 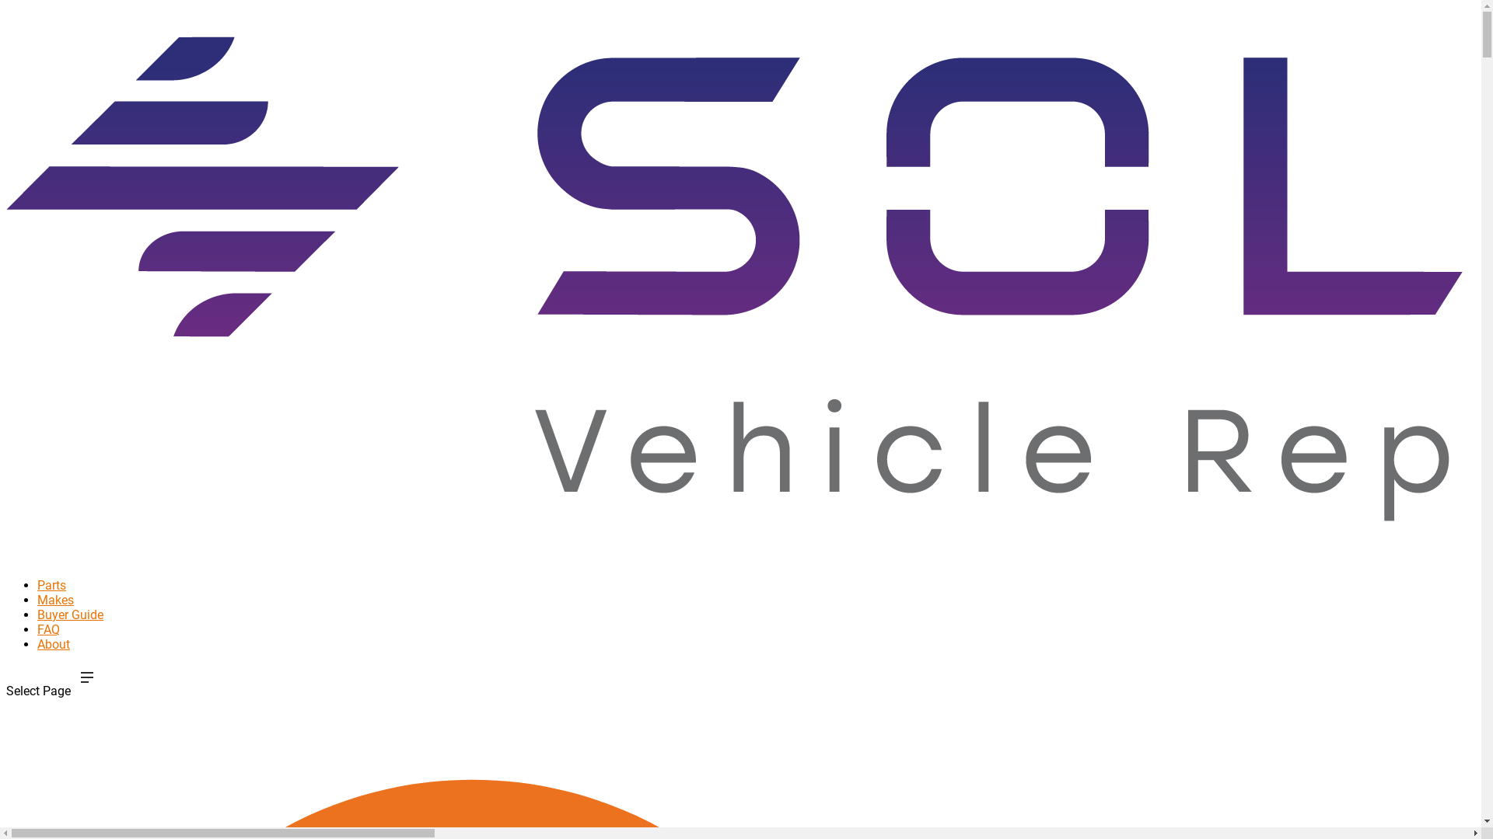 I want to click on 'FAQ', so click(x=48, y=649).